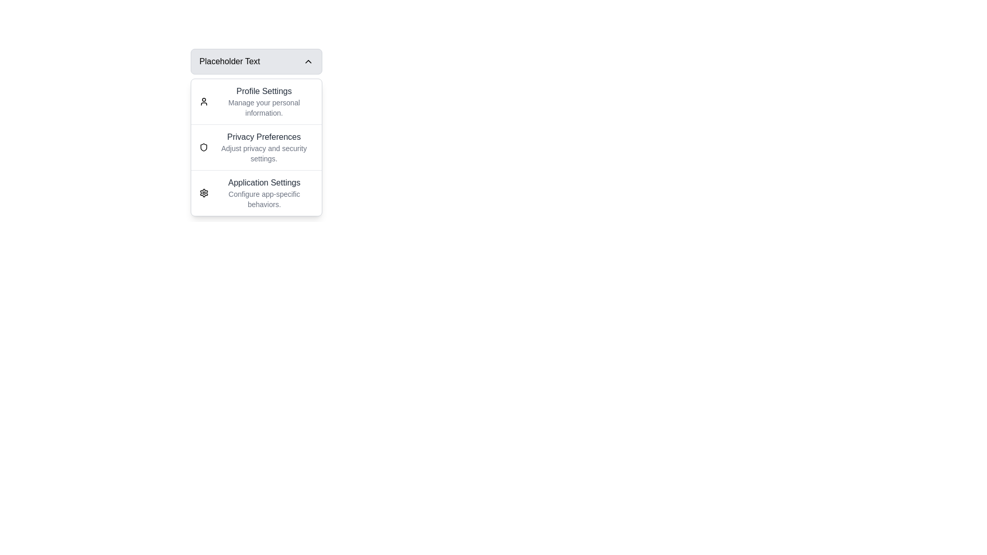  Describe the element at coordinates (264, 182) in the screenshot. I see `the 'Application Settings' text label, which is displayed in medium-weight gray font as the primary label in a dropdown menu of settings options` at that location.